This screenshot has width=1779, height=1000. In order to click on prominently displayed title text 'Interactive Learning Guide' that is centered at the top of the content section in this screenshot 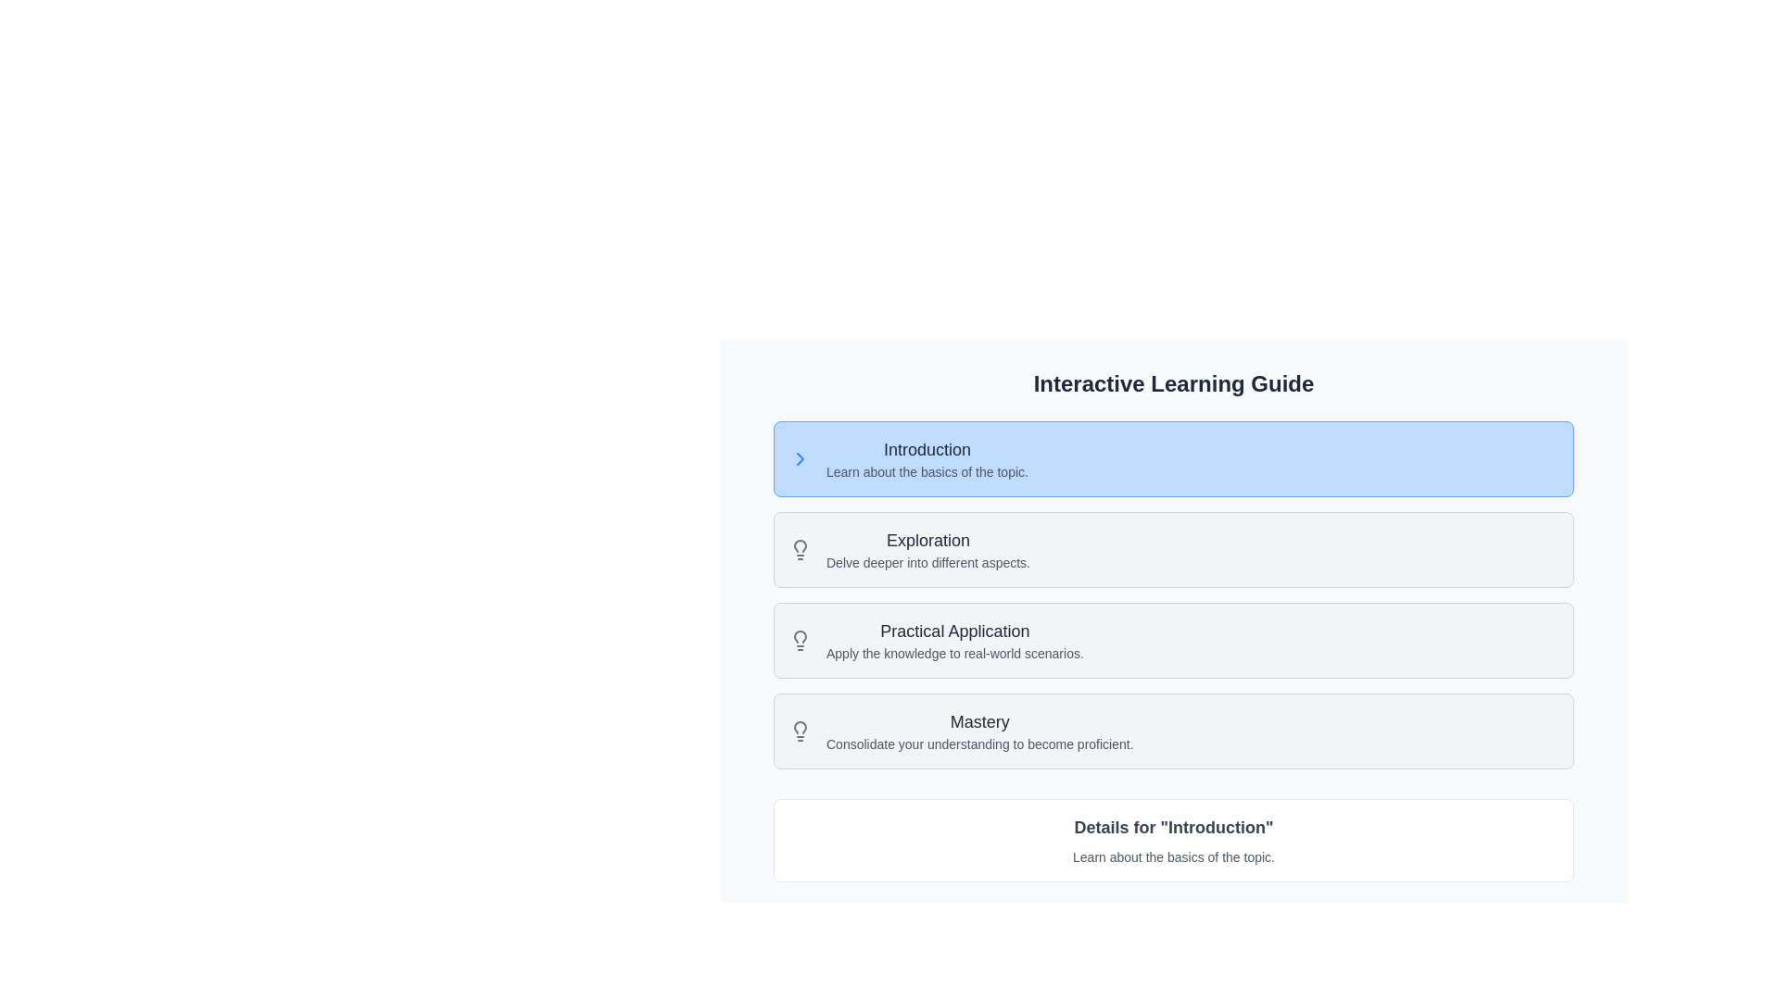, I will do `click(1173, 383)`.